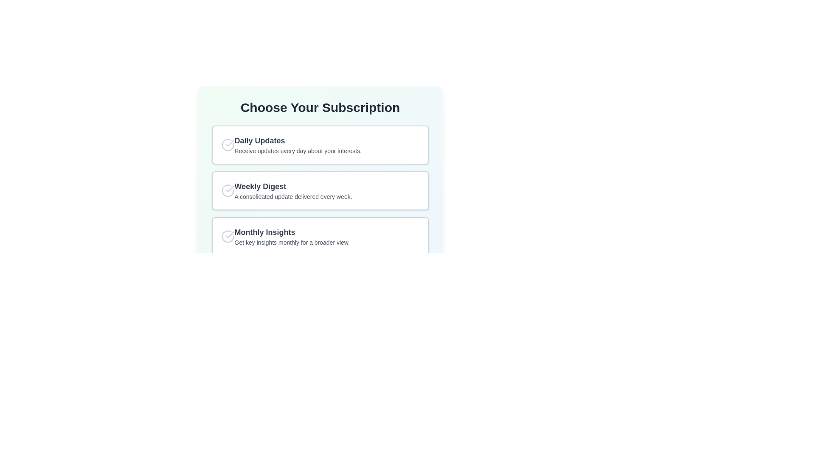  What do you see at coordinates (320, 237) in the screenshot?
I see `the subscription choice card that describes monthly insights, located third in a vertical stack of cards` at bounding box center [320, 237].